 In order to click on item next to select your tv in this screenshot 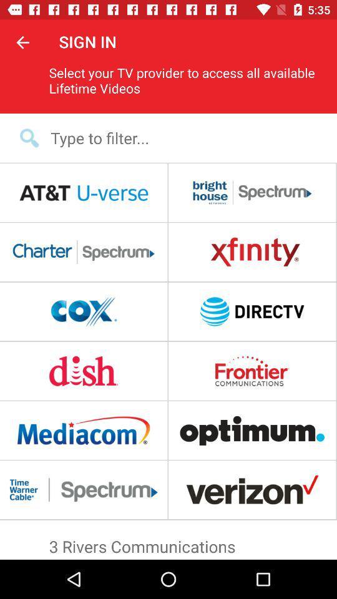, I will do `click(22, 42)`.